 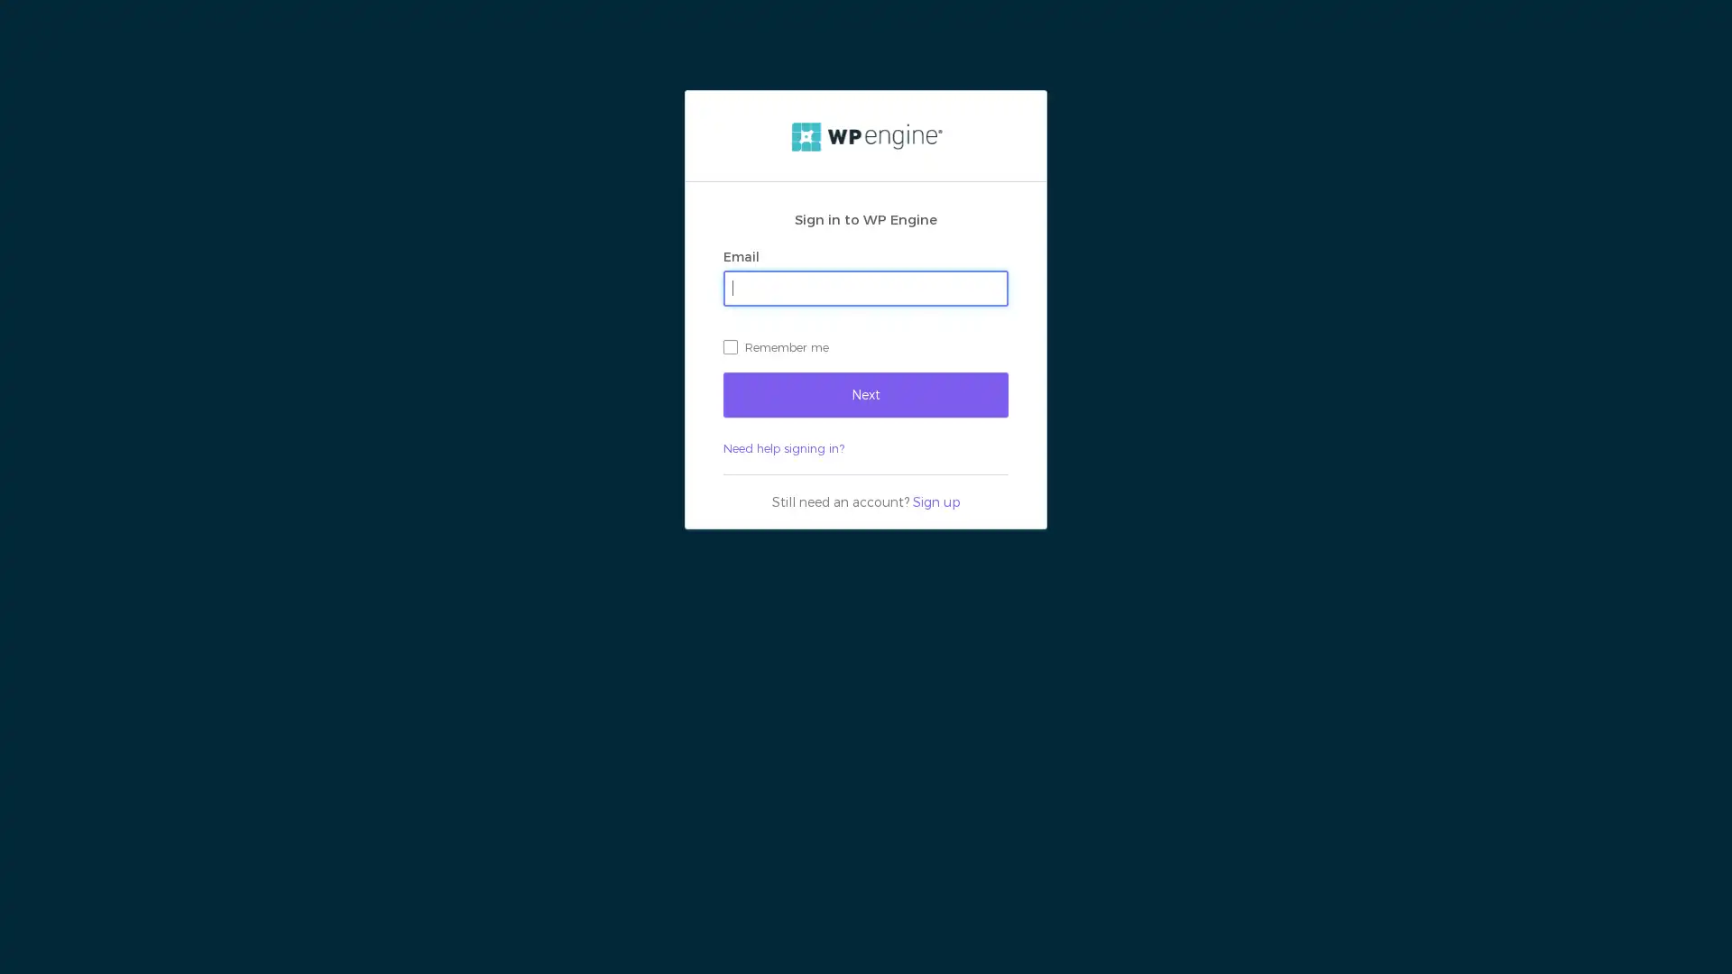 What do you see at coordinates (866, 392) in the screenshot?
I see `Next` at bounding box center [866, 392].